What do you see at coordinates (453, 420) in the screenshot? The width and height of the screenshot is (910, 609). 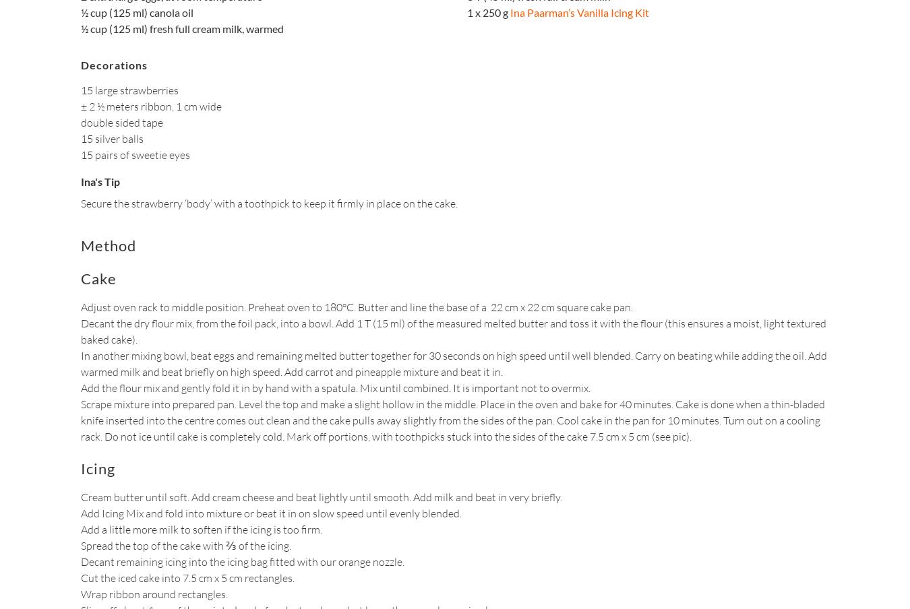 I see `'Scrape mixture into prepared pan. Level the top and make a slight hollow in the middle. Place in the oven and bake for 40 minutes. Cake is done when a thin-bladed knife inserted into the centre comes out clean and the cake pulls away slightly from the sides of the pan. Cool cake in the pan for 10 minutes. Turn out on a cooling rack. Do not ice until cake is completely cold. Mark off portions, with toothpicks stuck into the sides of the cake 7.5 cm x 5 cm (see pic).'` at bounding box center [453, 420].